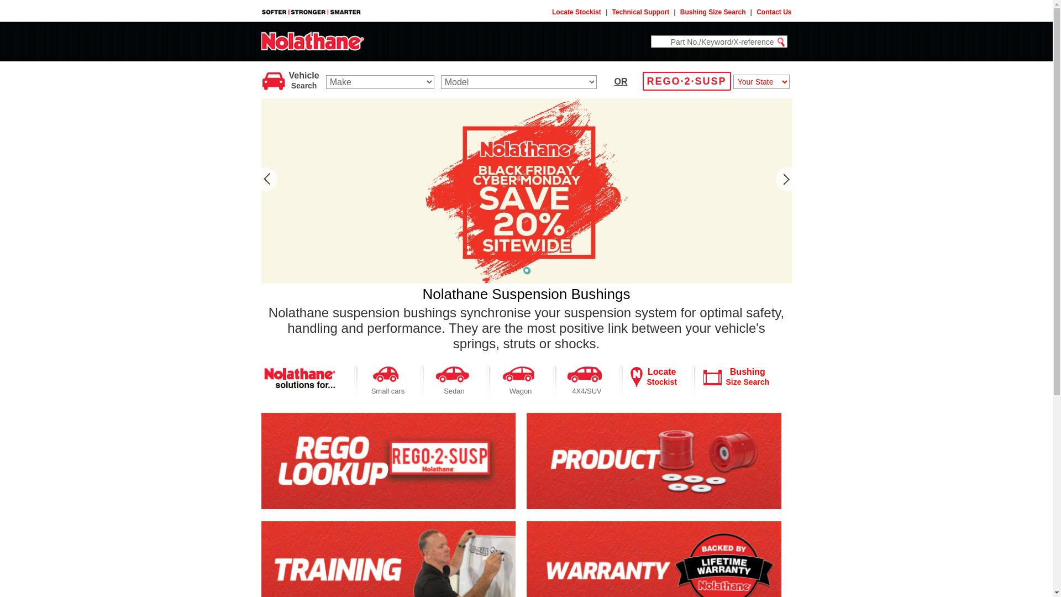  What do you see at coordinates (454, 390) in the screenshot?
I see `'Sedan'` at bounding box center [454, 390].